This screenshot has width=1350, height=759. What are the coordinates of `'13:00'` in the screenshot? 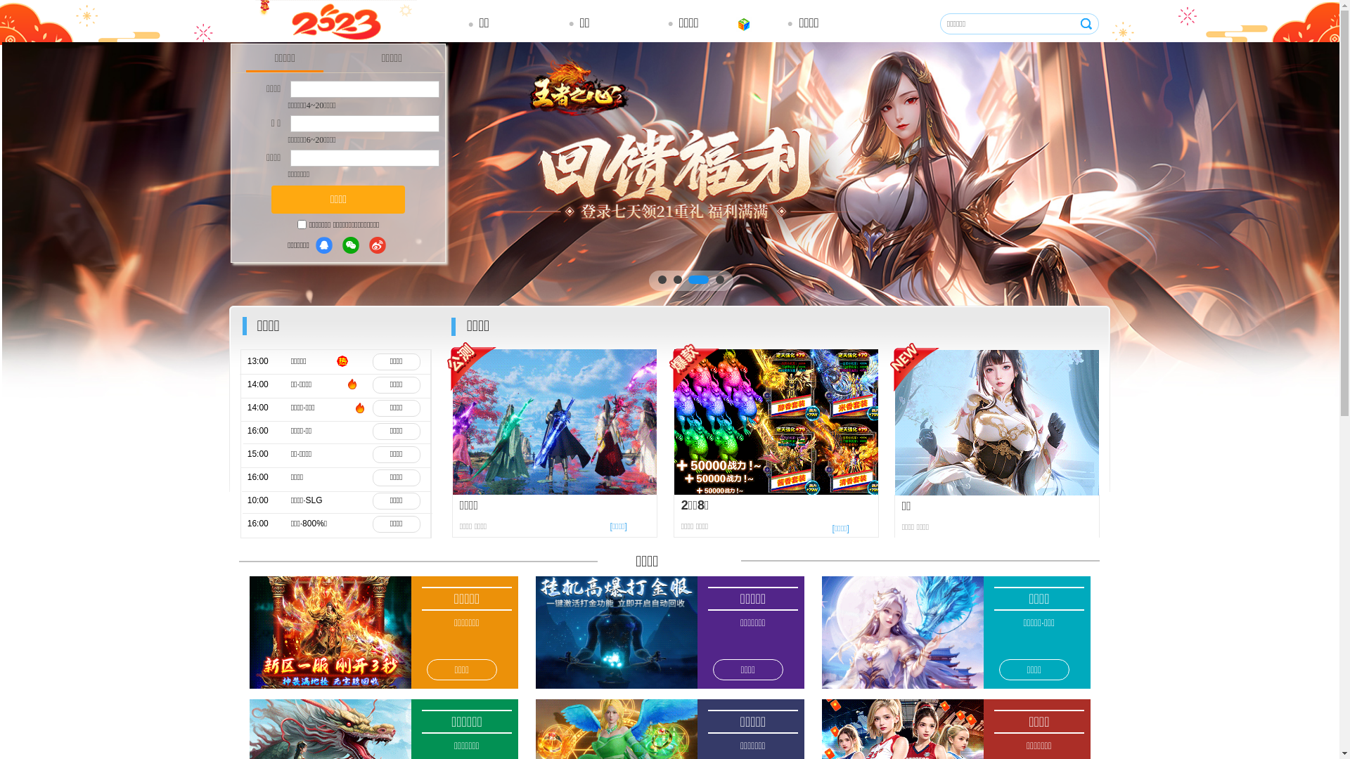 It's located at (247, 361).